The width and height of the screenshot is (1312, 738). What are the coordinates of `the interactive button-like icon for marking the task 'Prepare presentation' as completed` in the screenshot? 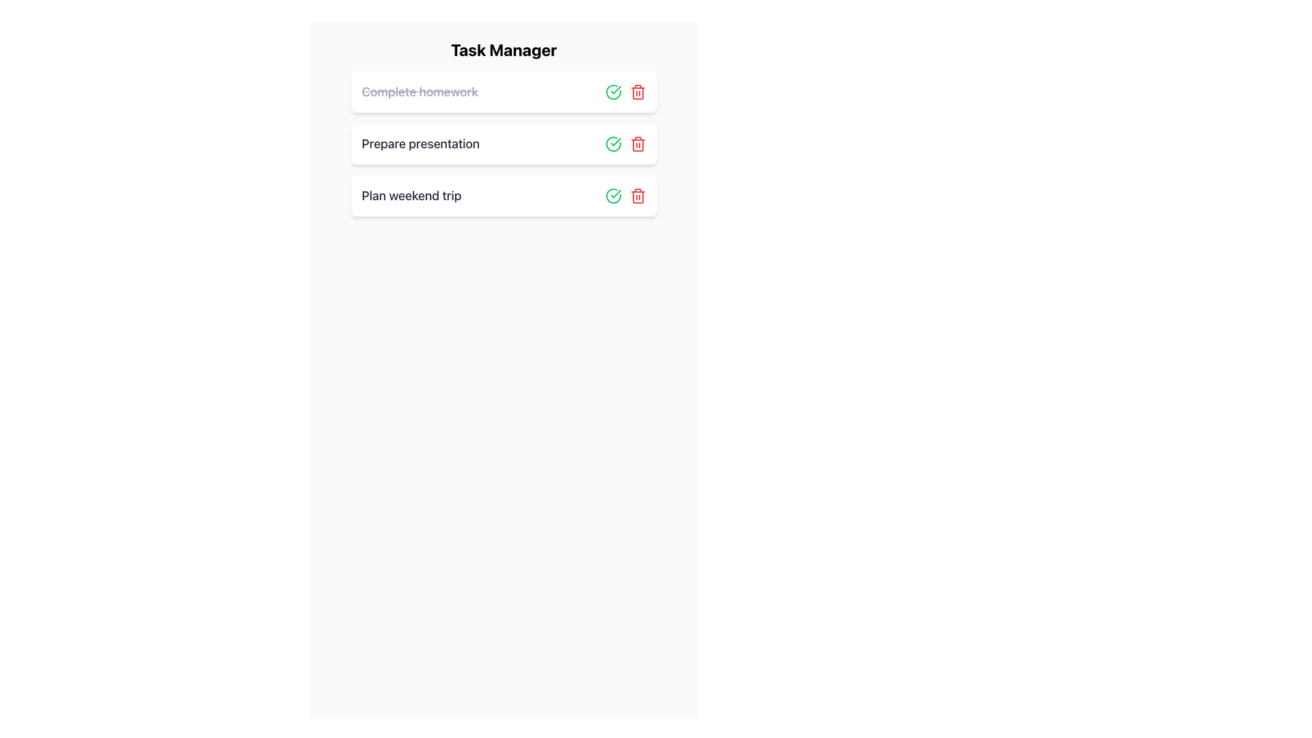 It's located at (612, 195).